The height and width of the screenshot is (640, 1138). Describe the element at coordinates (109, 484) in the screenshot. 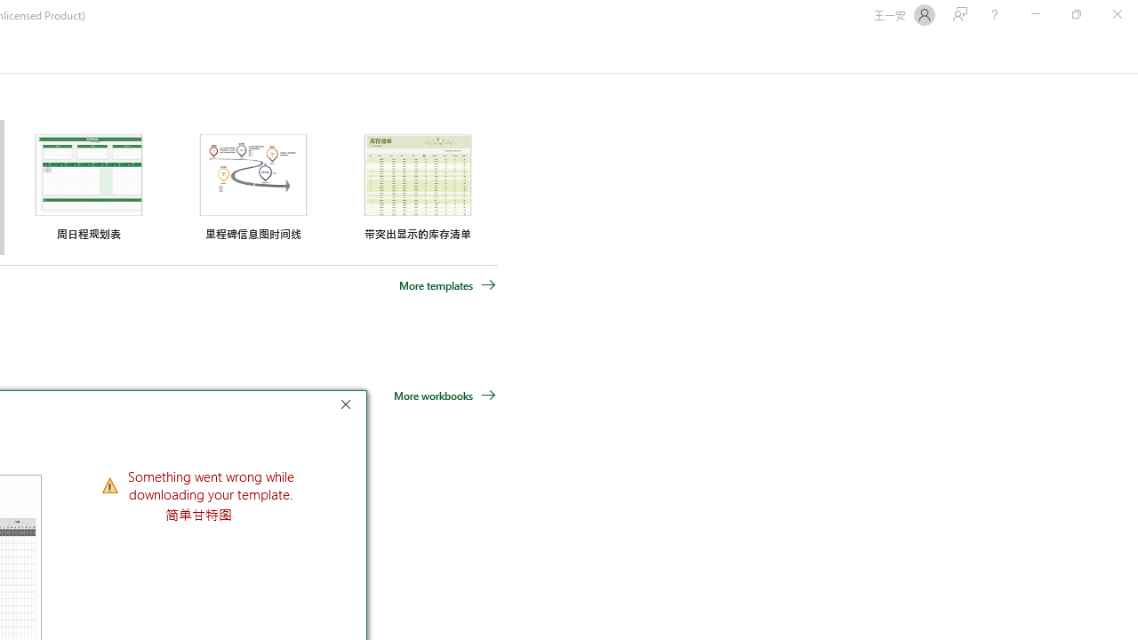

I see `'Class: NetUIImage'` at that location.